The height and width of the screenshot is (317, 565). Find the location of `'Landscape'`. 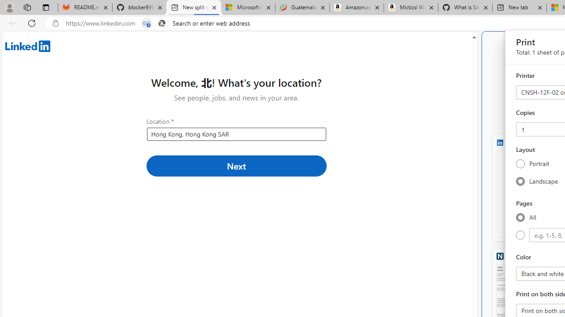

'Landscape' is located at coordinates (520, 181).